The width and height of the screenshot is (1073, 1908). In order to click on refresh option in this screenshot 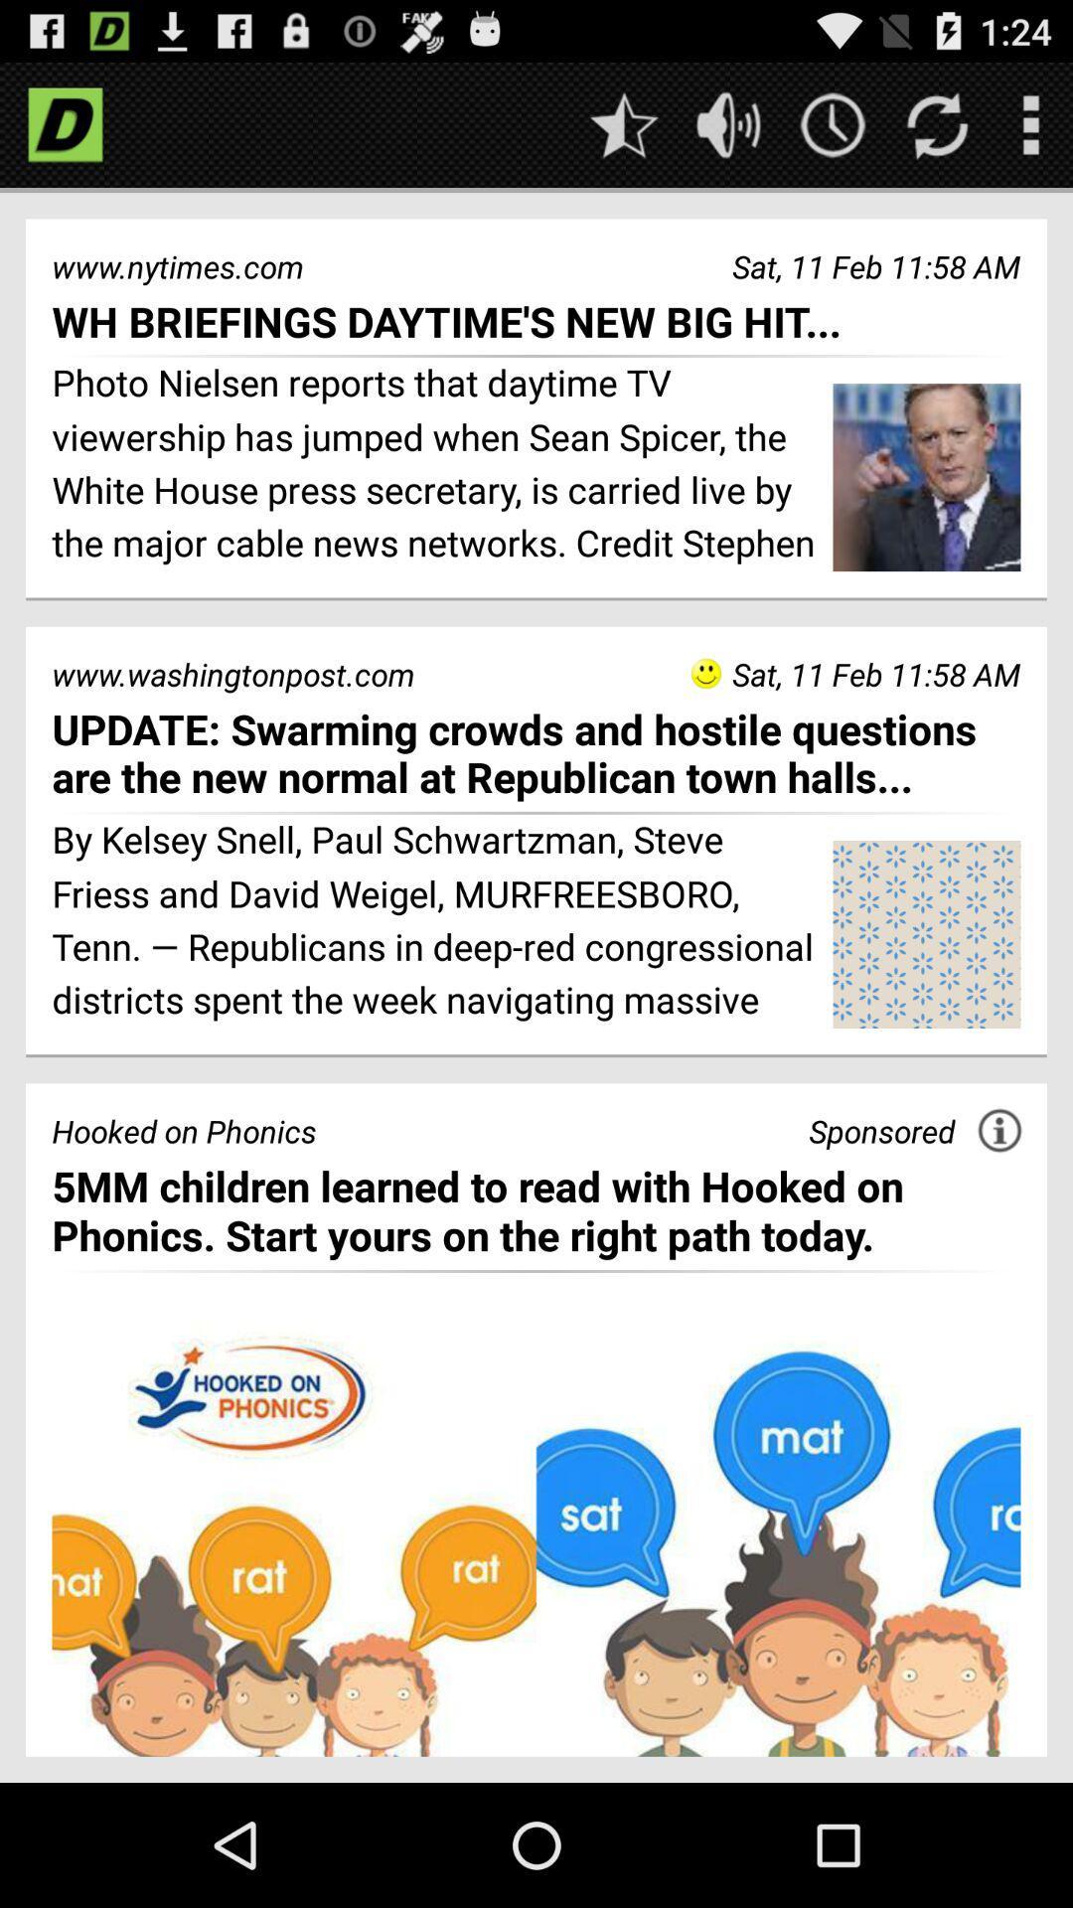, I will do `click(937, 123)`.